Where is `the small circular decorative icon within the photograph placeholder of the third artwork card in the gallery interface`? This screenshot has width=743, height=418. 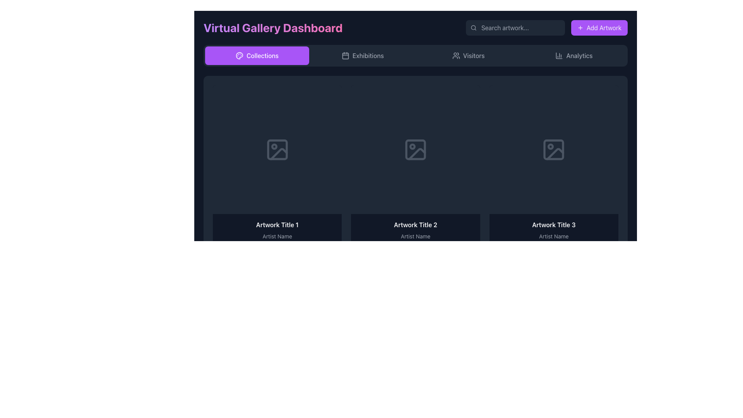
the small circular decorative icon within the photograph placeholder of the third artwork card in the gallery interface is located at coordinates (550, 146).